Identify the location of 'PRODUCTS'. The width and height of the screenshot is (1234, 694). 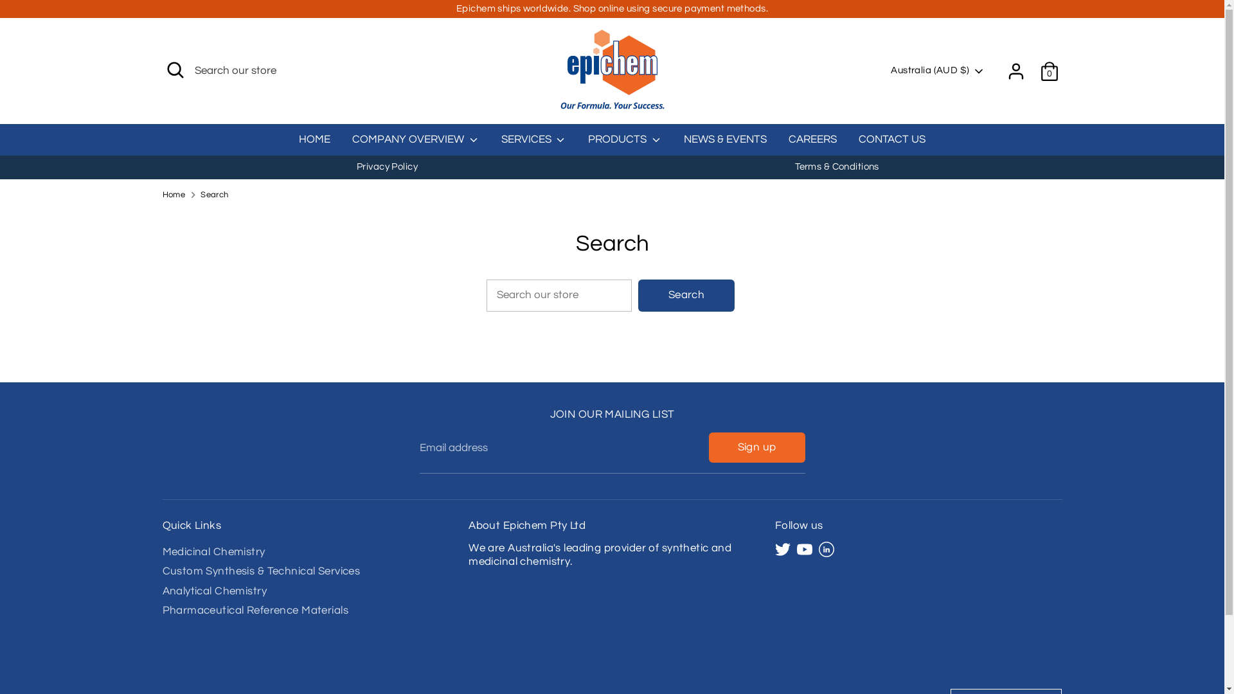
(625, 143).